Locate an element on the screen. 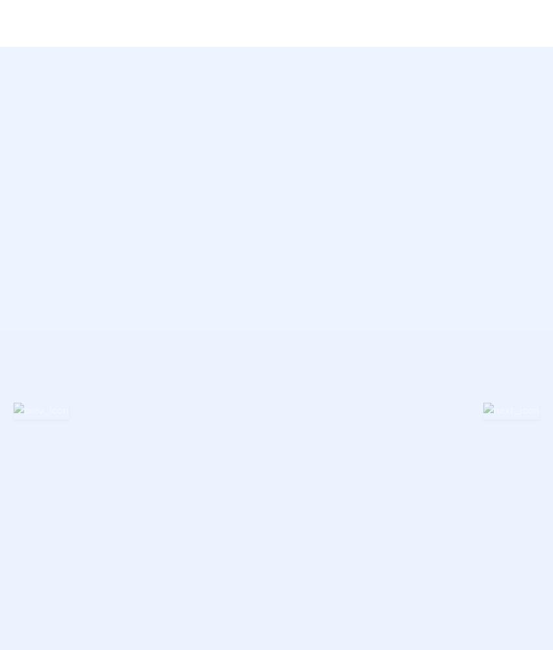 This screenshot has height=650, width=553. 'Buy Now' is located at coordinates (78, 321).